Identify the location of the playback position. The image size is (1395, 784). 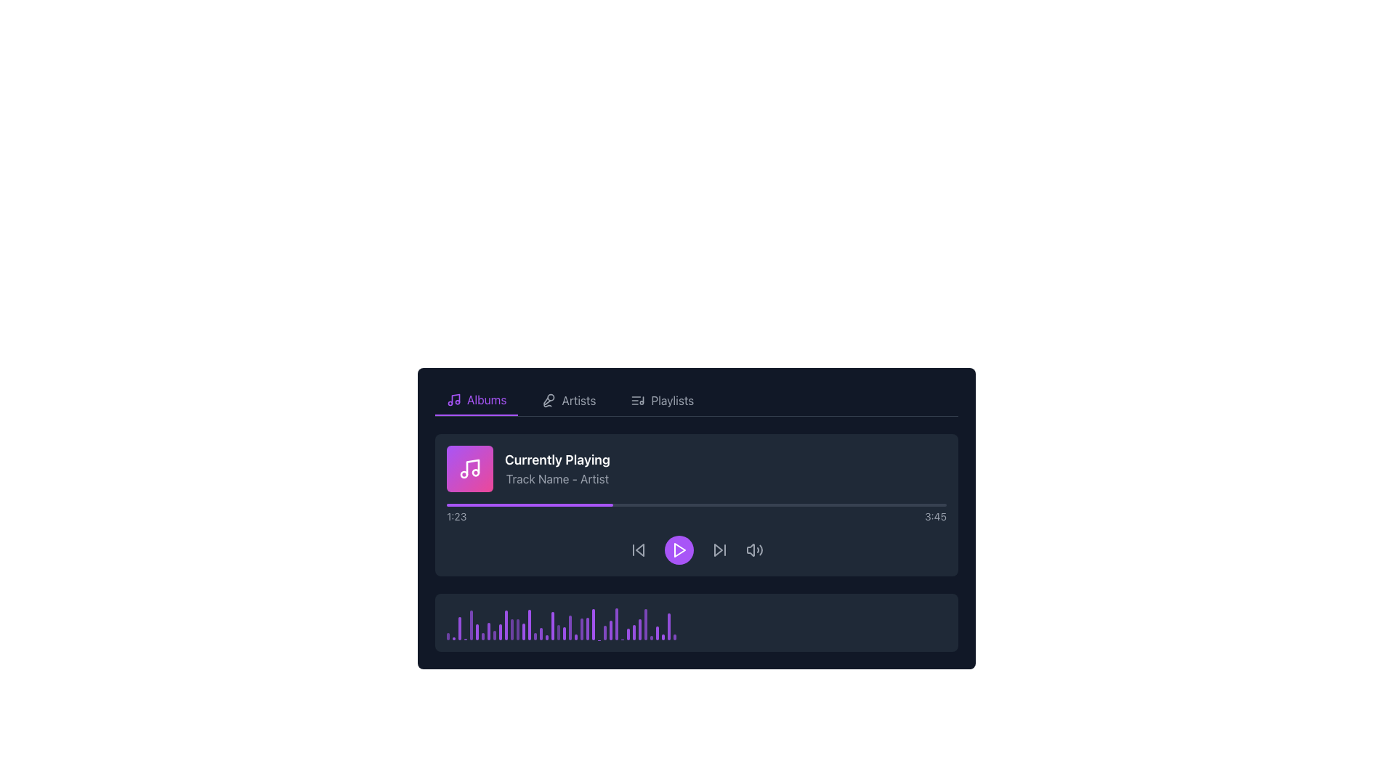
(826, 504).